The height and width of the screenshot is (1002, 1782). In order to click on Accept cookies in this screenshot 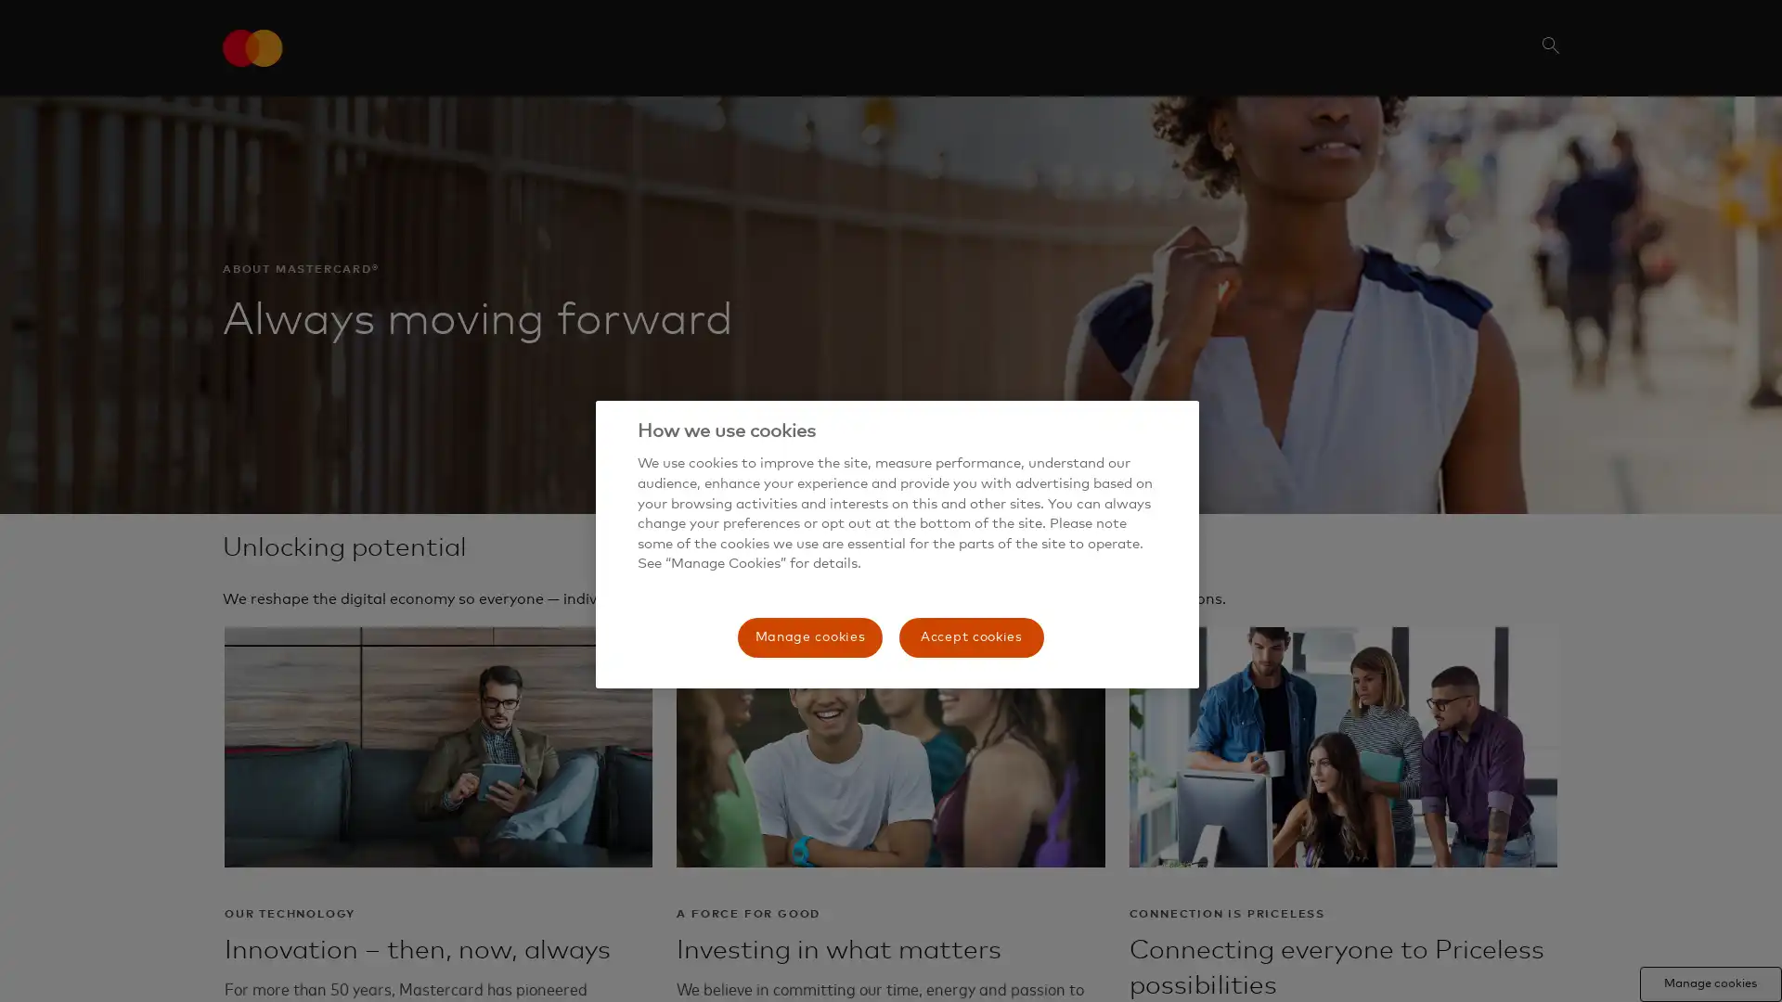, I will do `click(970, 636)`.